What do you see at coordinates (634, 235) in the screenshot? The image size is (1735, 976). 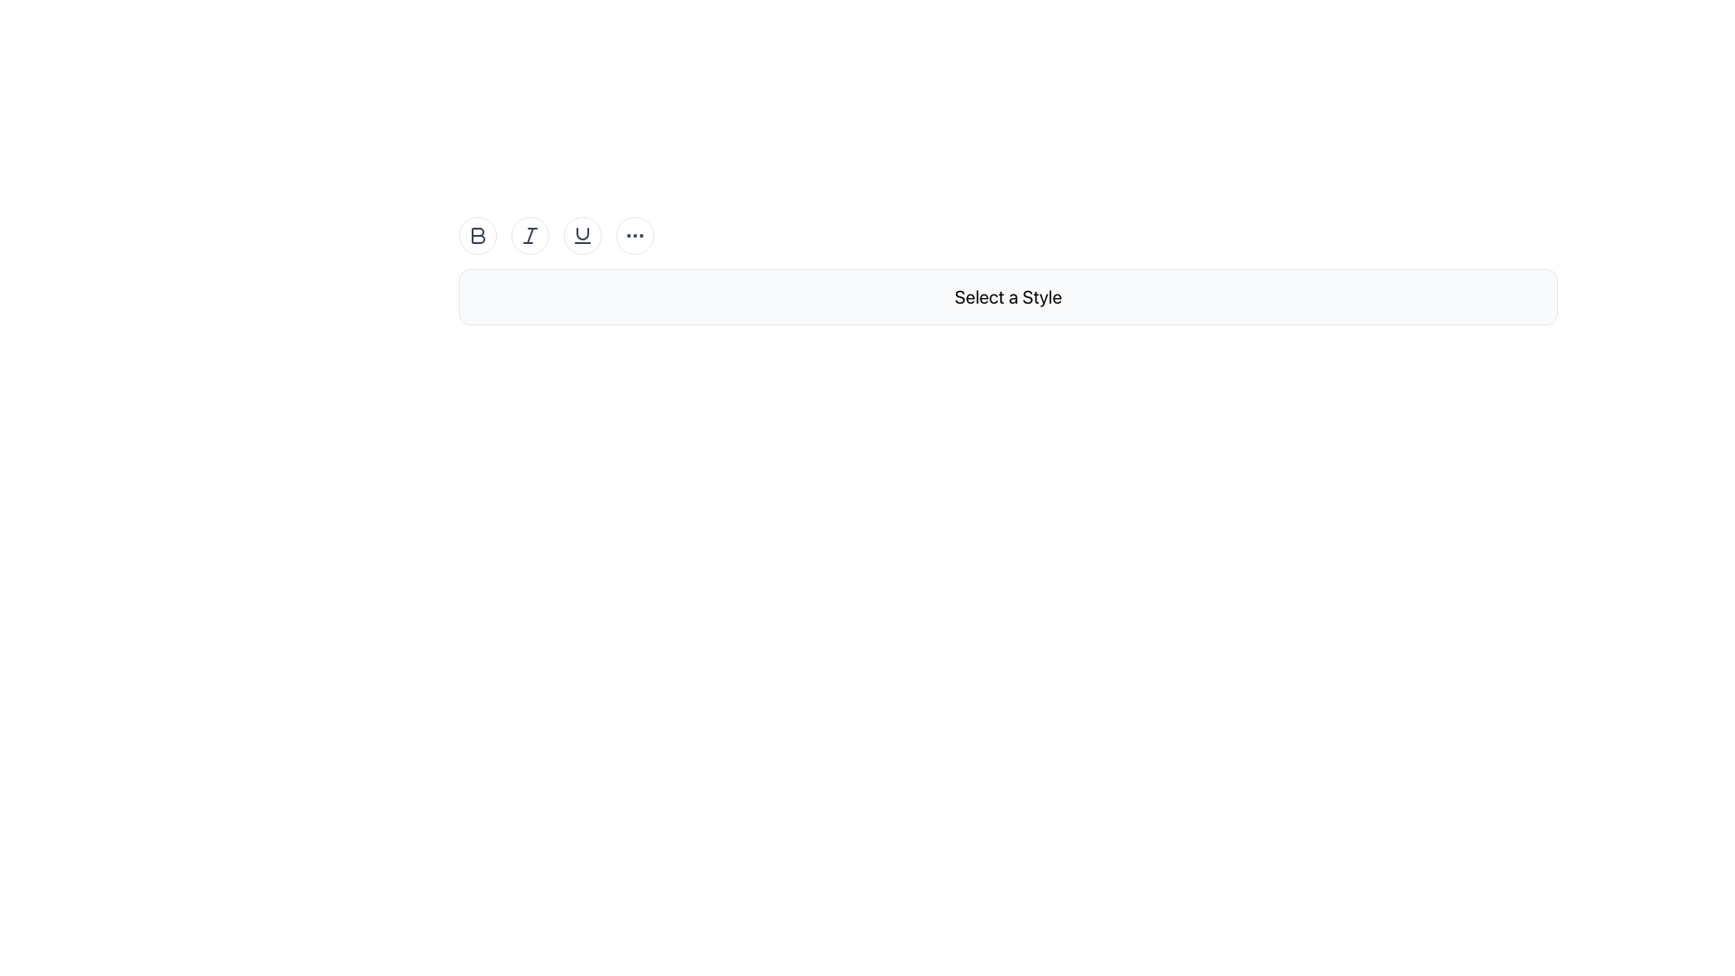 I see `the fourth button in a group of buttons` at bounding box center [634, 235].